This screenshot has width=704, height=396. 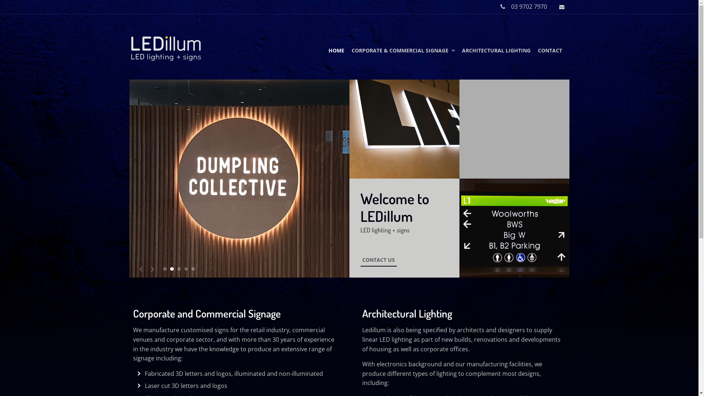 I want to click on 'ARCHITECTURAL LIGHTING', so click(x=496, y=50).